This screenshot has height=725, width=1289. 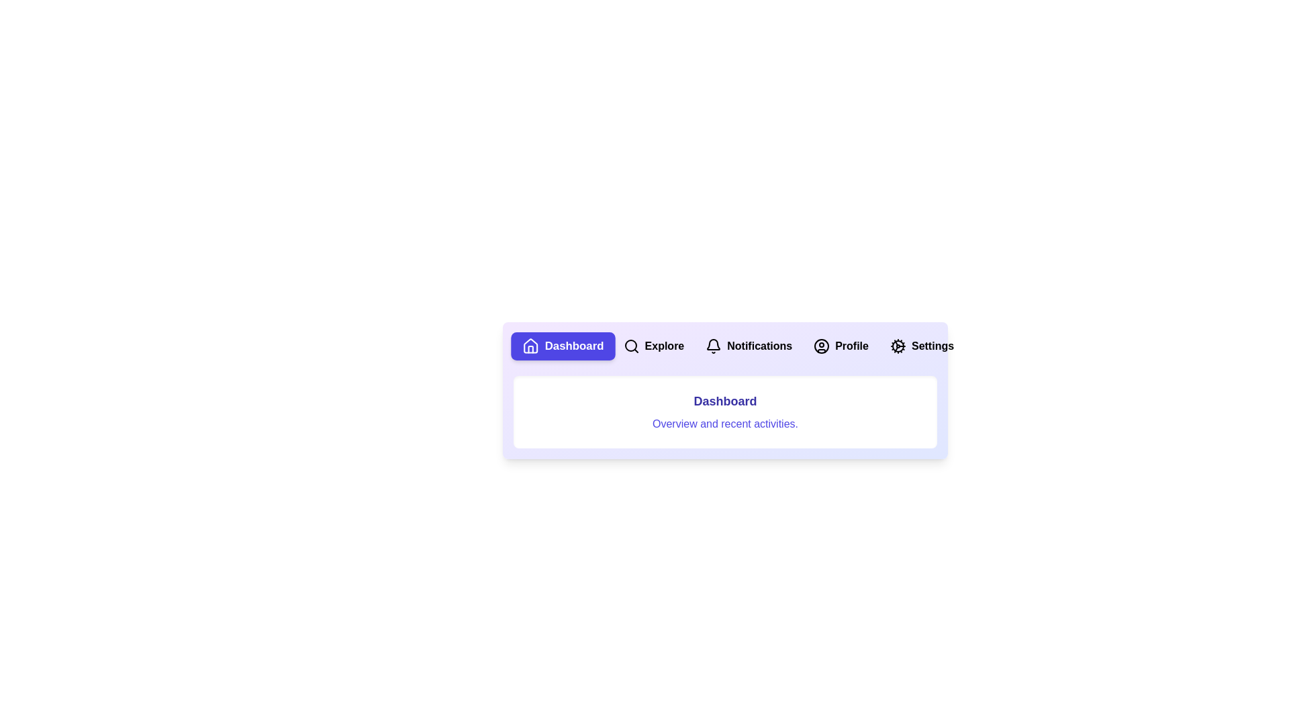 I want to click on the icon of the tab labeled Settings, so click(x=898, y=346).